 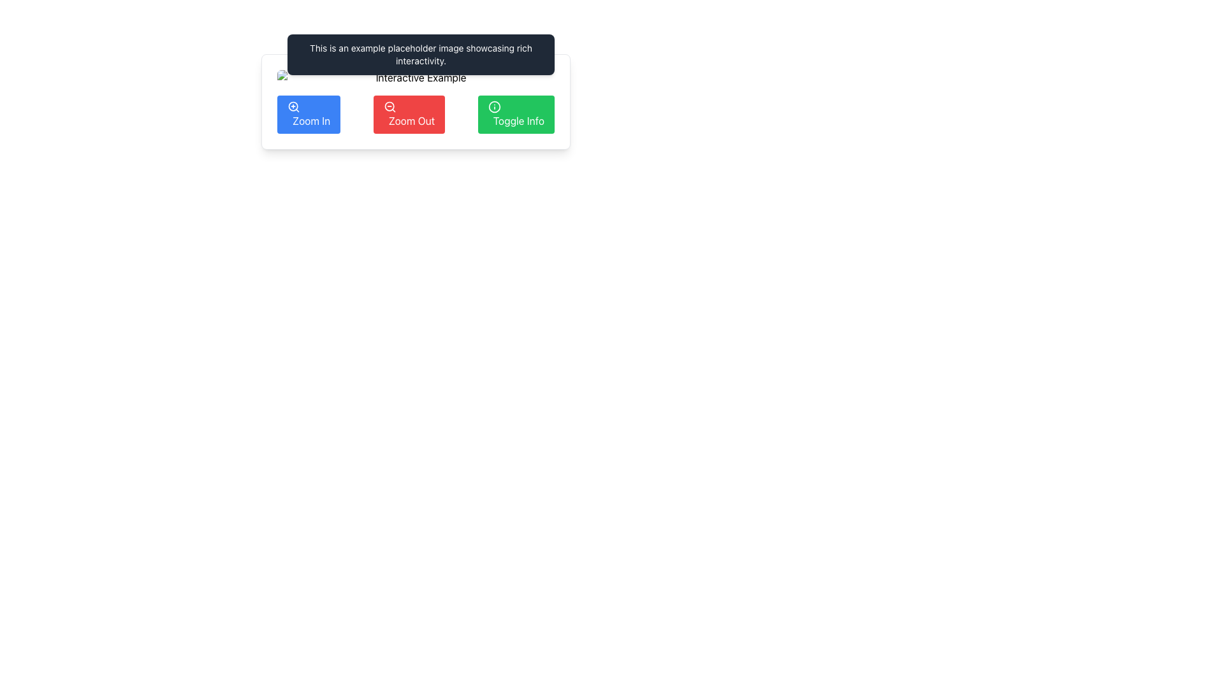 What do you see at coordinates (389, 106) in the screenshot?
I see `the magnifying glass icon with a minus sign, located within the red 'Zoom Out' button, to zoom out` at bounding box center [389, 106].